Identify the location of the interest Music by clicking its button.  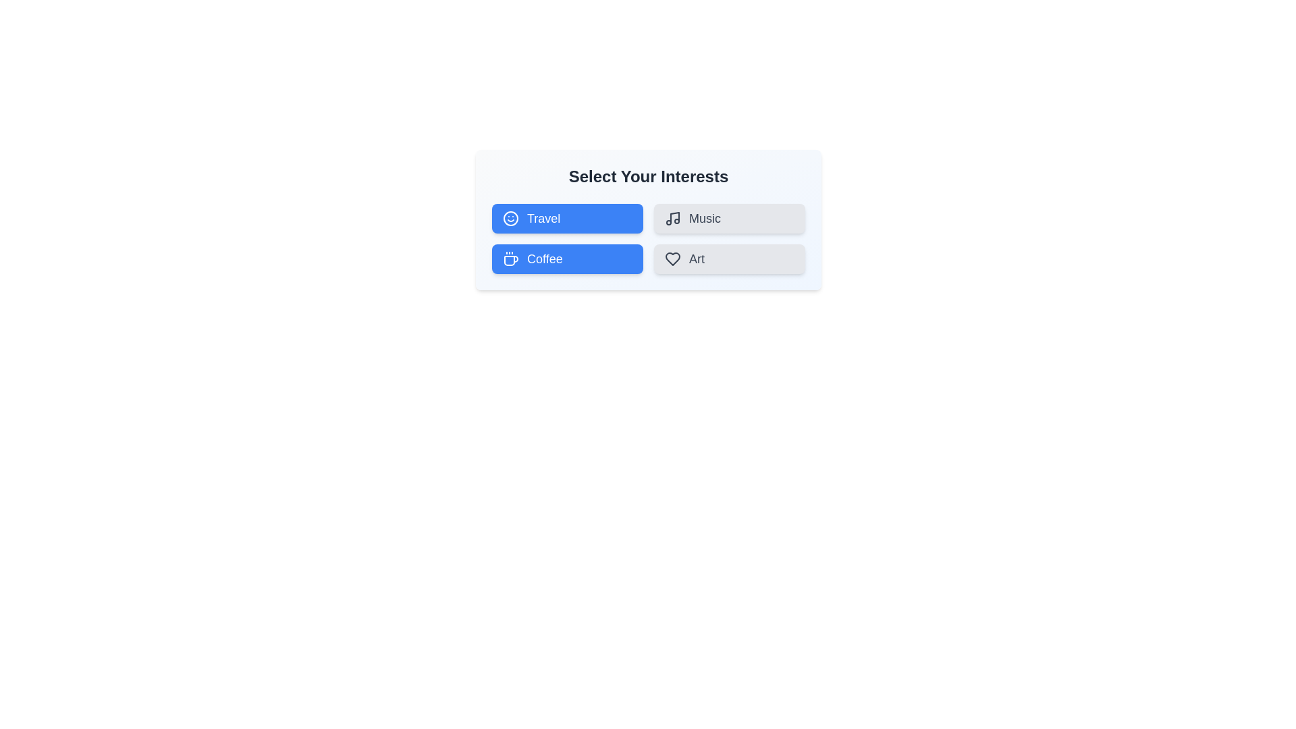
(728, 218).